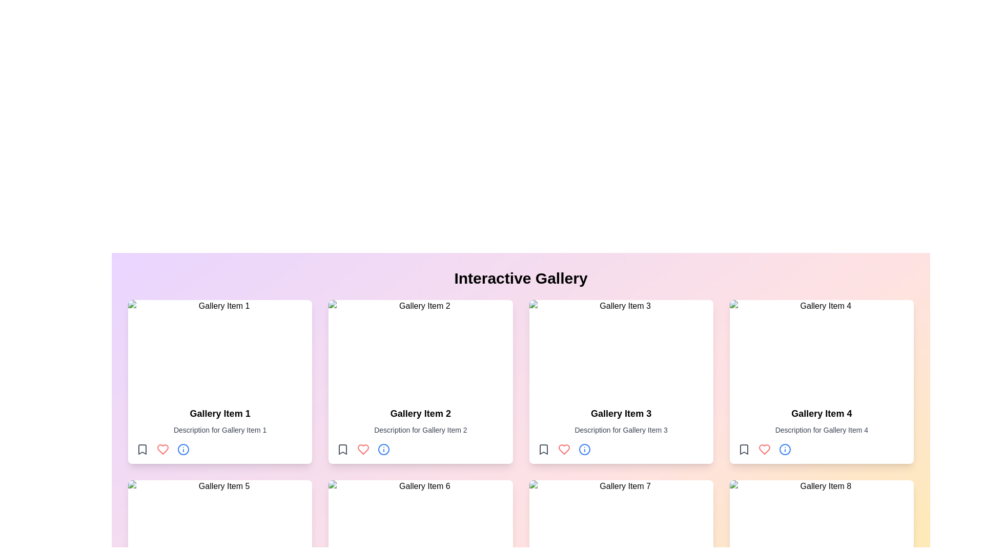 This screenshot has height=553, width=984. I want to click on the modern outline bookmark icon below 'Gallery Item 4', so click(744, 449).